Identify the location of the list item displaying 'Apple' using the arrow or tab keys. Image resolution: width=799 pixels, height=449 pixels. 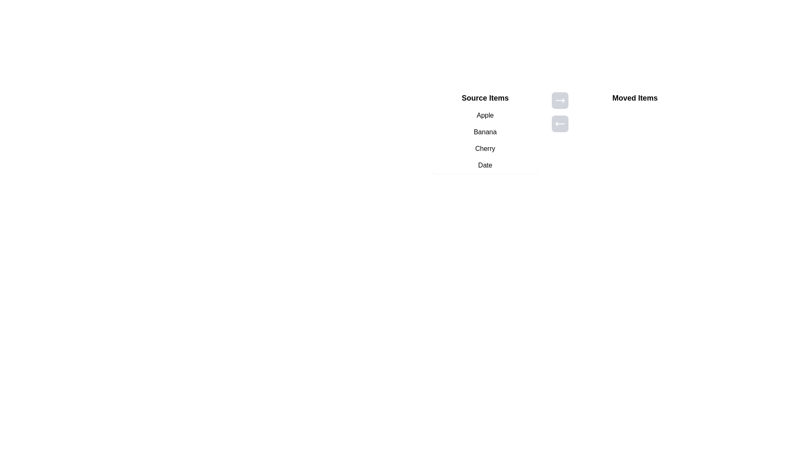
(485, 115).